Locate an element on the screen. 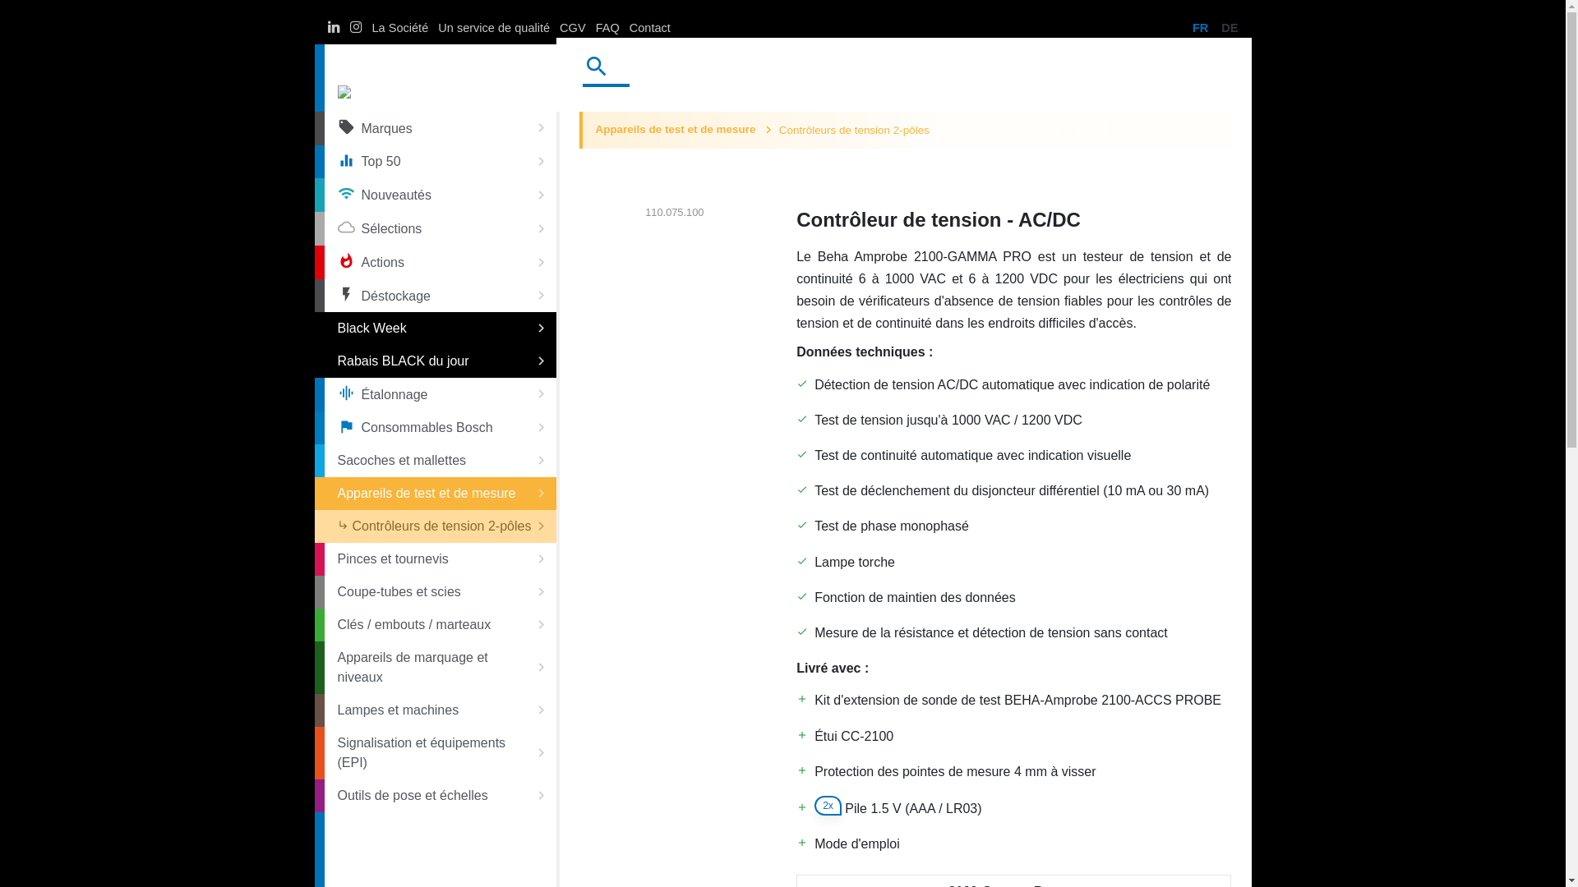 The height and width of the screenshot is (887, 1578). 'flagConsommables Bosch is located at coordinates (439, 427).